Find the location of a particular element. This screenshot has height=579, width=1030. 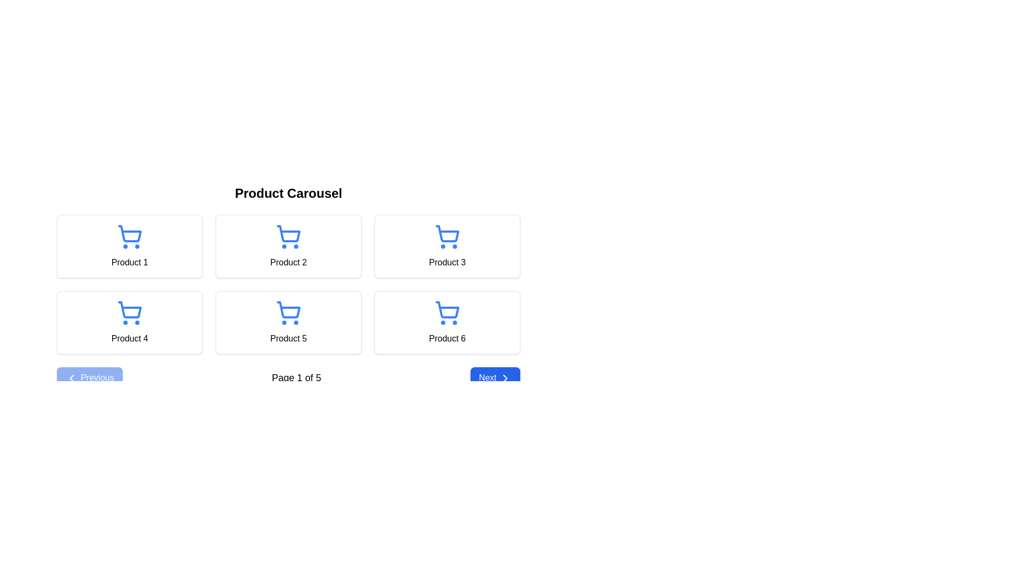

the hollow blue shopping cart icon located in the second box of a three-column grid labeled 'Product 2' is located at coordinates (288, 236).